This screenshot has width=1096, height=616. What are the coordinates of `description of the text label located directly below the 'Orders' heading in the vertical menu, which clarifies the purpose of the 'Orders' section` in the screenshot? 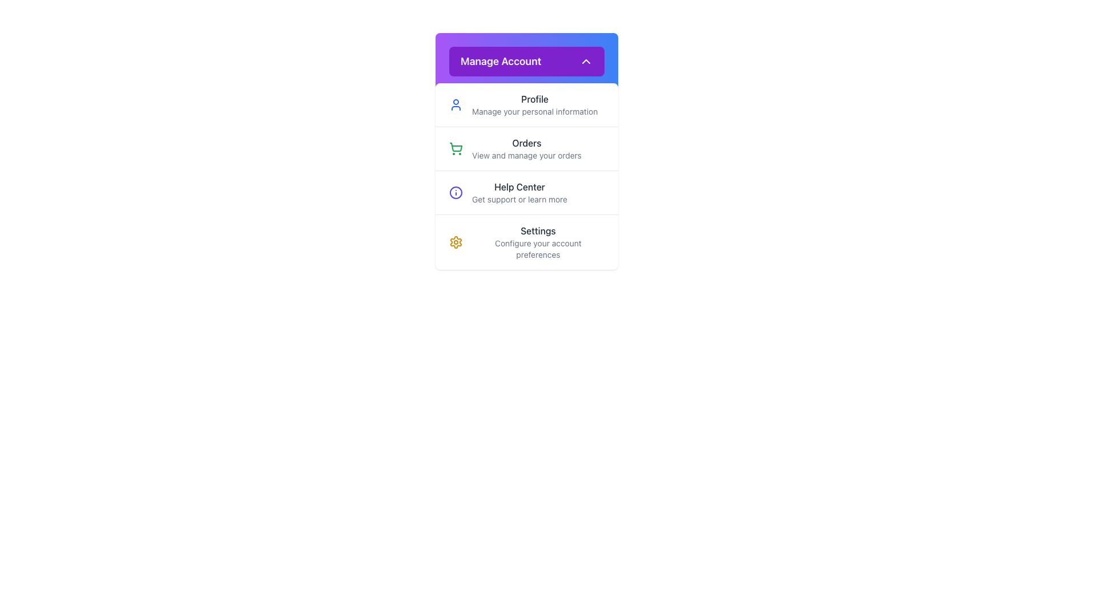 It's located at (526, 156).